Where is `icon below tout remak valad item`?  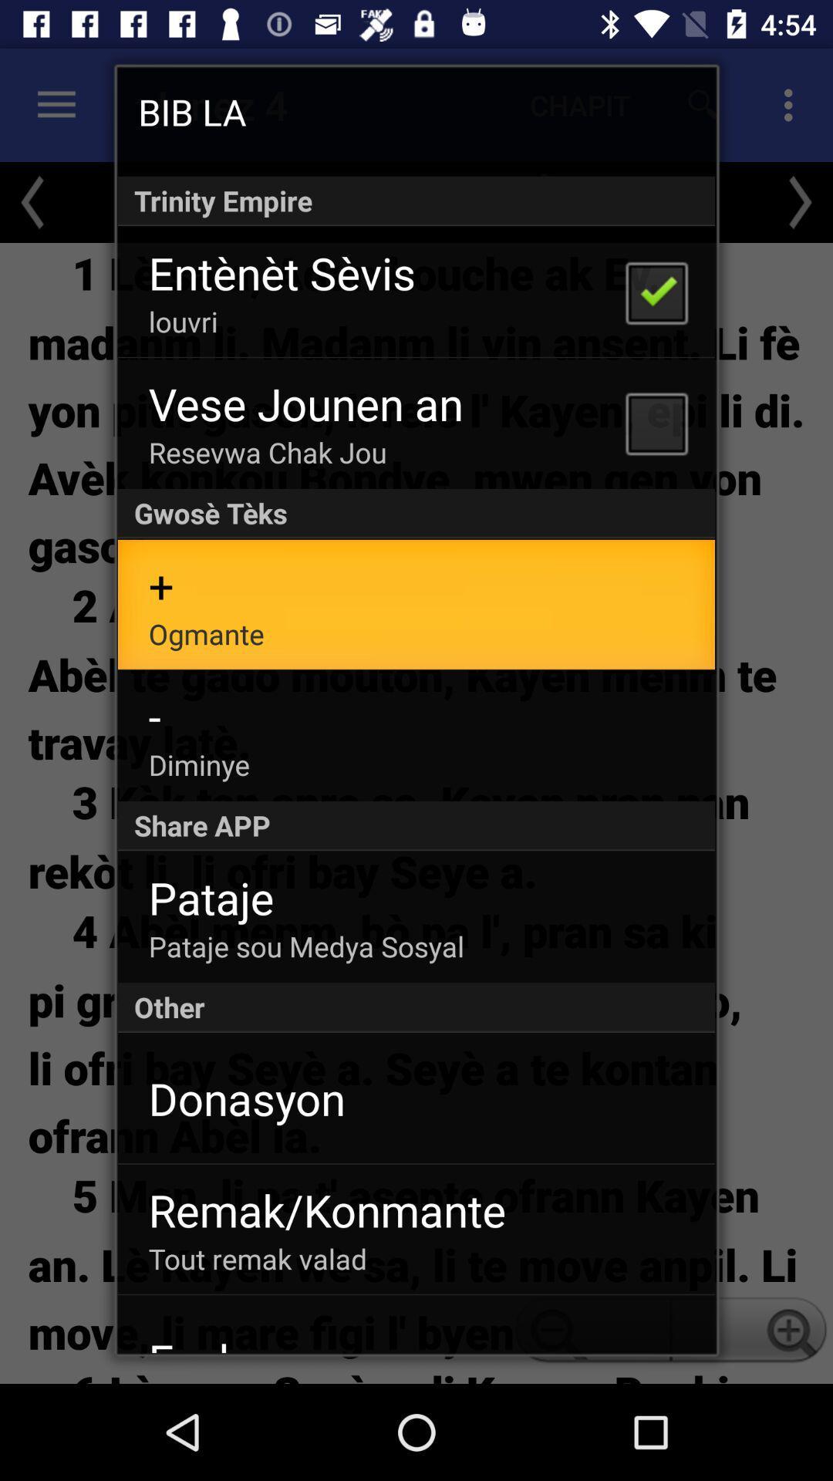 icon below tout remak valad item is located at coordinates (259, 1341).